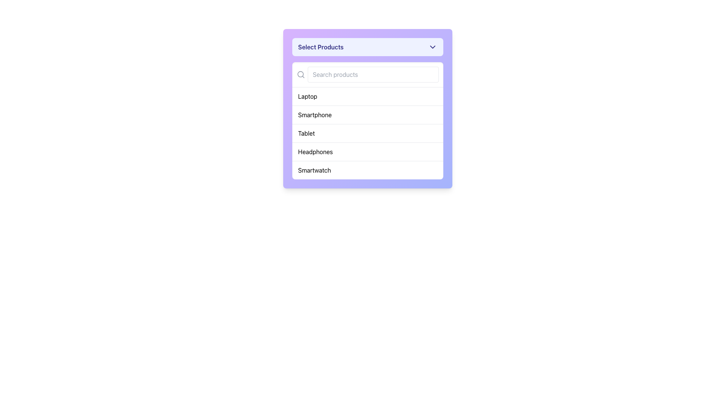 The width and height of the screenshot is (725, 407). Describe the element at coordinates (367, 151) in the screenshot. I see `the fourth list item labeled 'Headphones' in the vertical menu` at that location.